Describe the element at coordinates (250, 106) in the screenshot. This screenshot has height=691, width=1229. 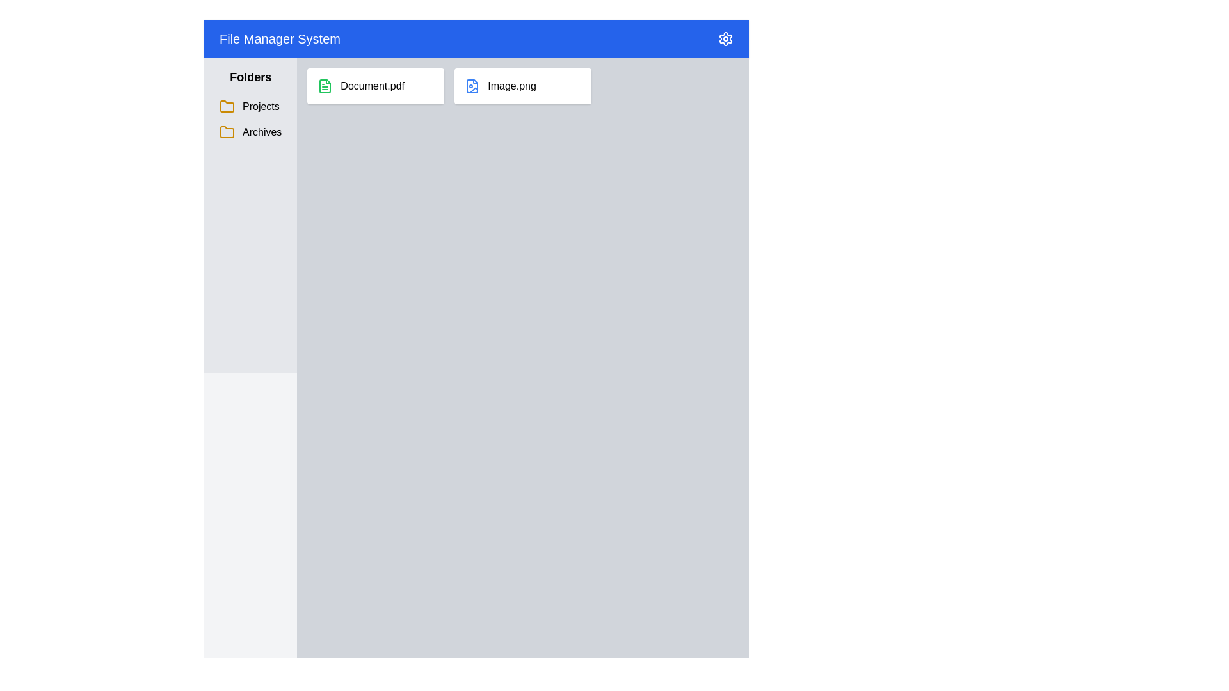
I see `the 'Projects' folder entry in the file manager interface` at that location.